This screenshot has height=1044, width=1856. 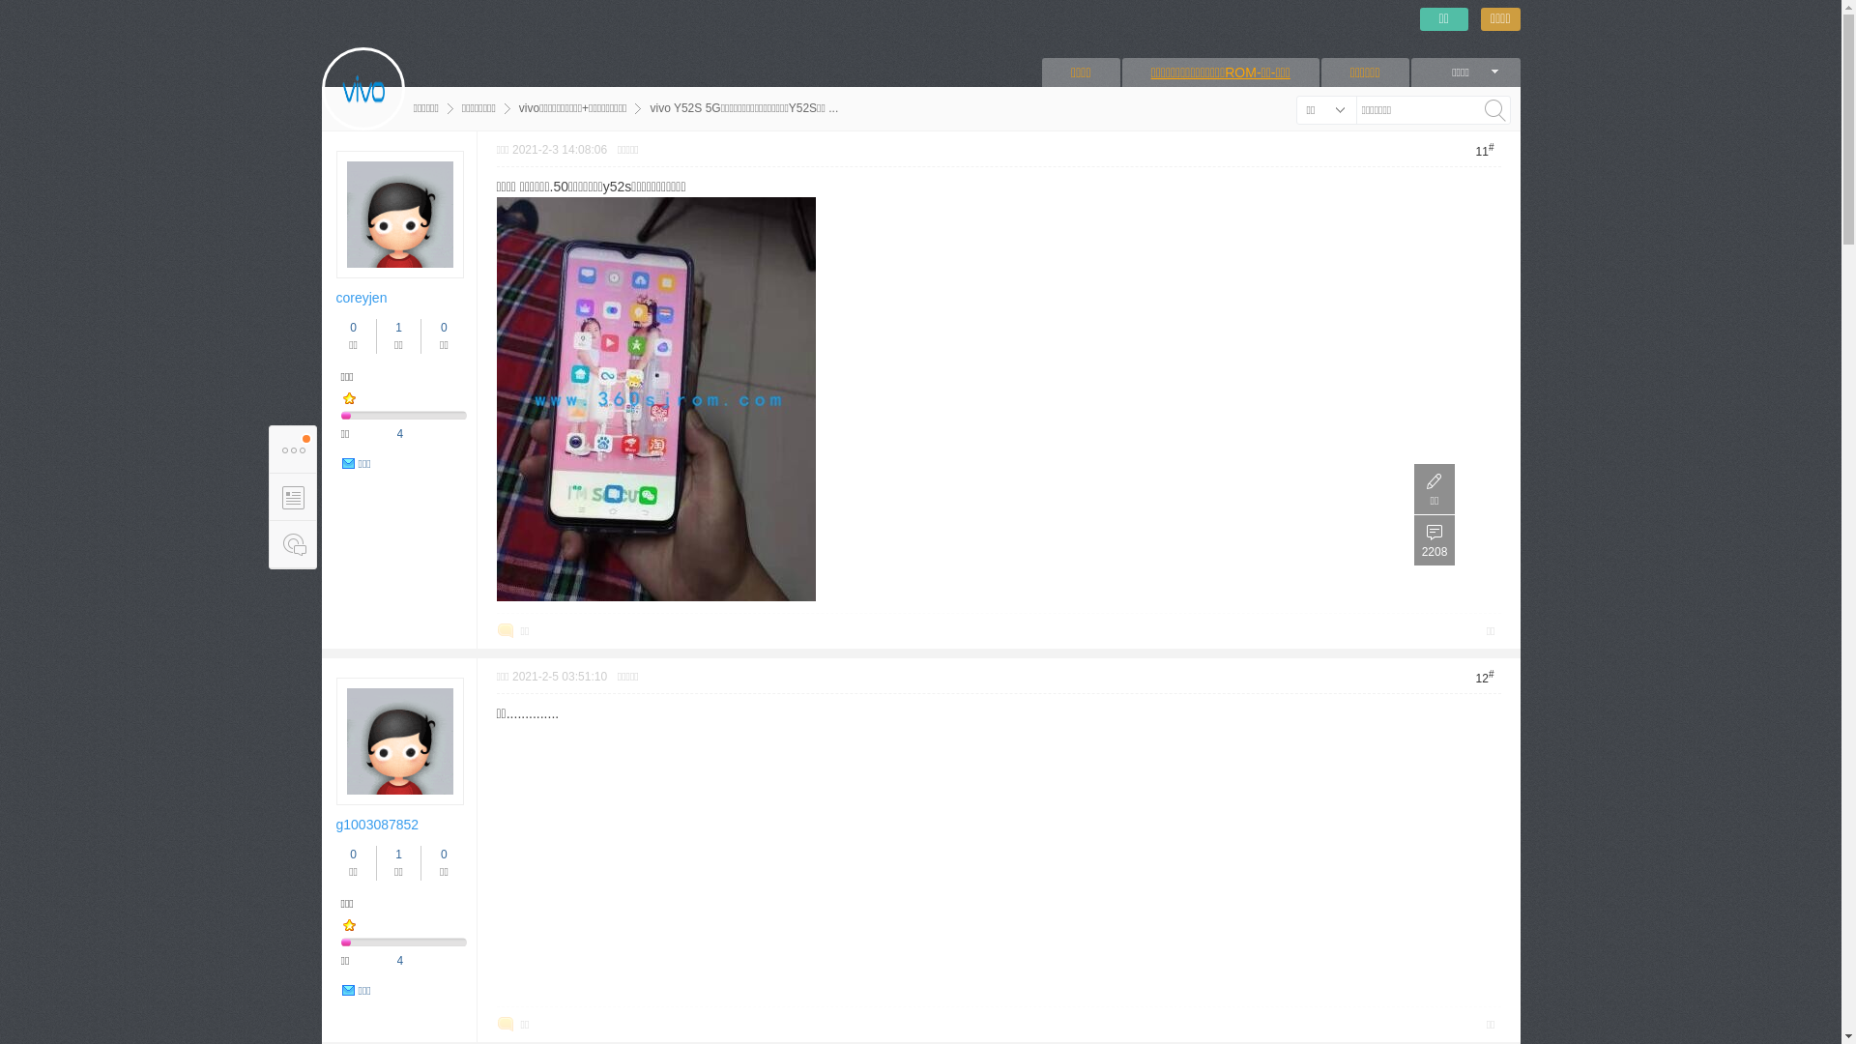 I want to click on '0', so click(x=353, y=853).